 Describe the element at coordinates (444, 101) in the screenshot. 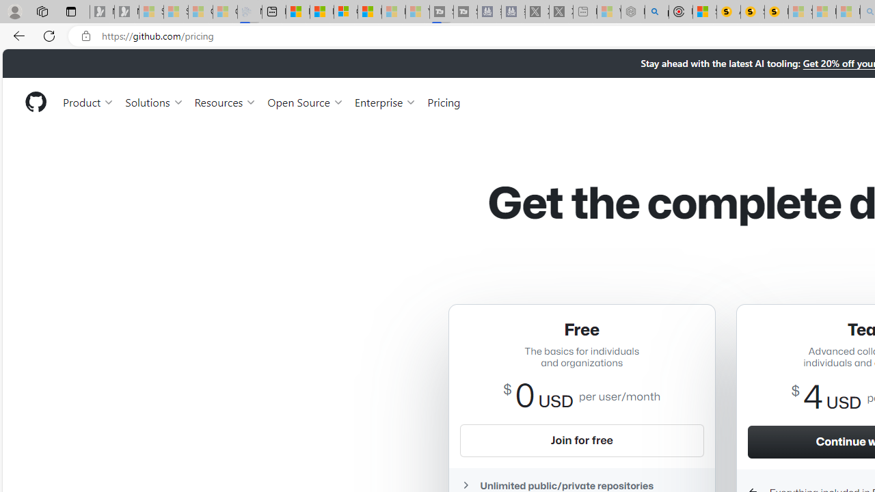

I see `'Pricing'` at that location.